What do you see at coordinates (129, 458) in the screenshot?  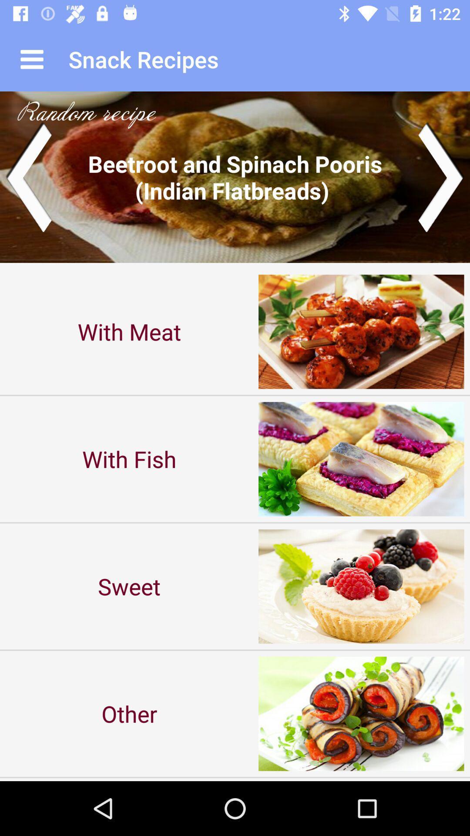 I see `item below the with meat` at bounding box center [129, 458].